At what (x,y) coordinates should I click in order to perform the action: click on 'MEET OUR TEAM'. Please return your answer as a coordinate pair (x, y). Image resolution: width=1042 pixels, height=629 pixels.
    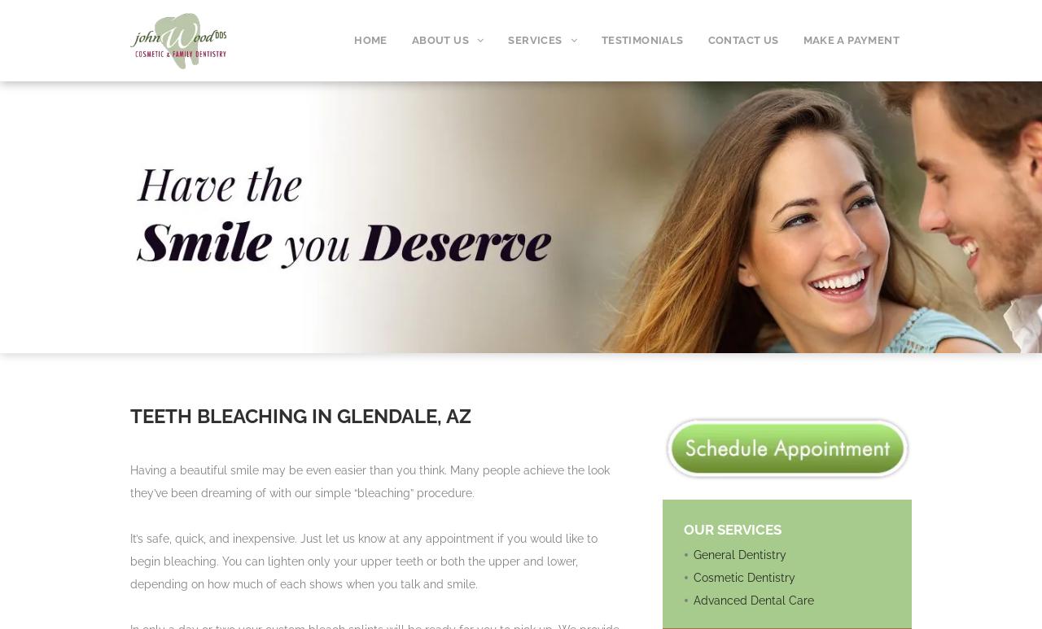
    Looking at the image, I should click on (461, 144).